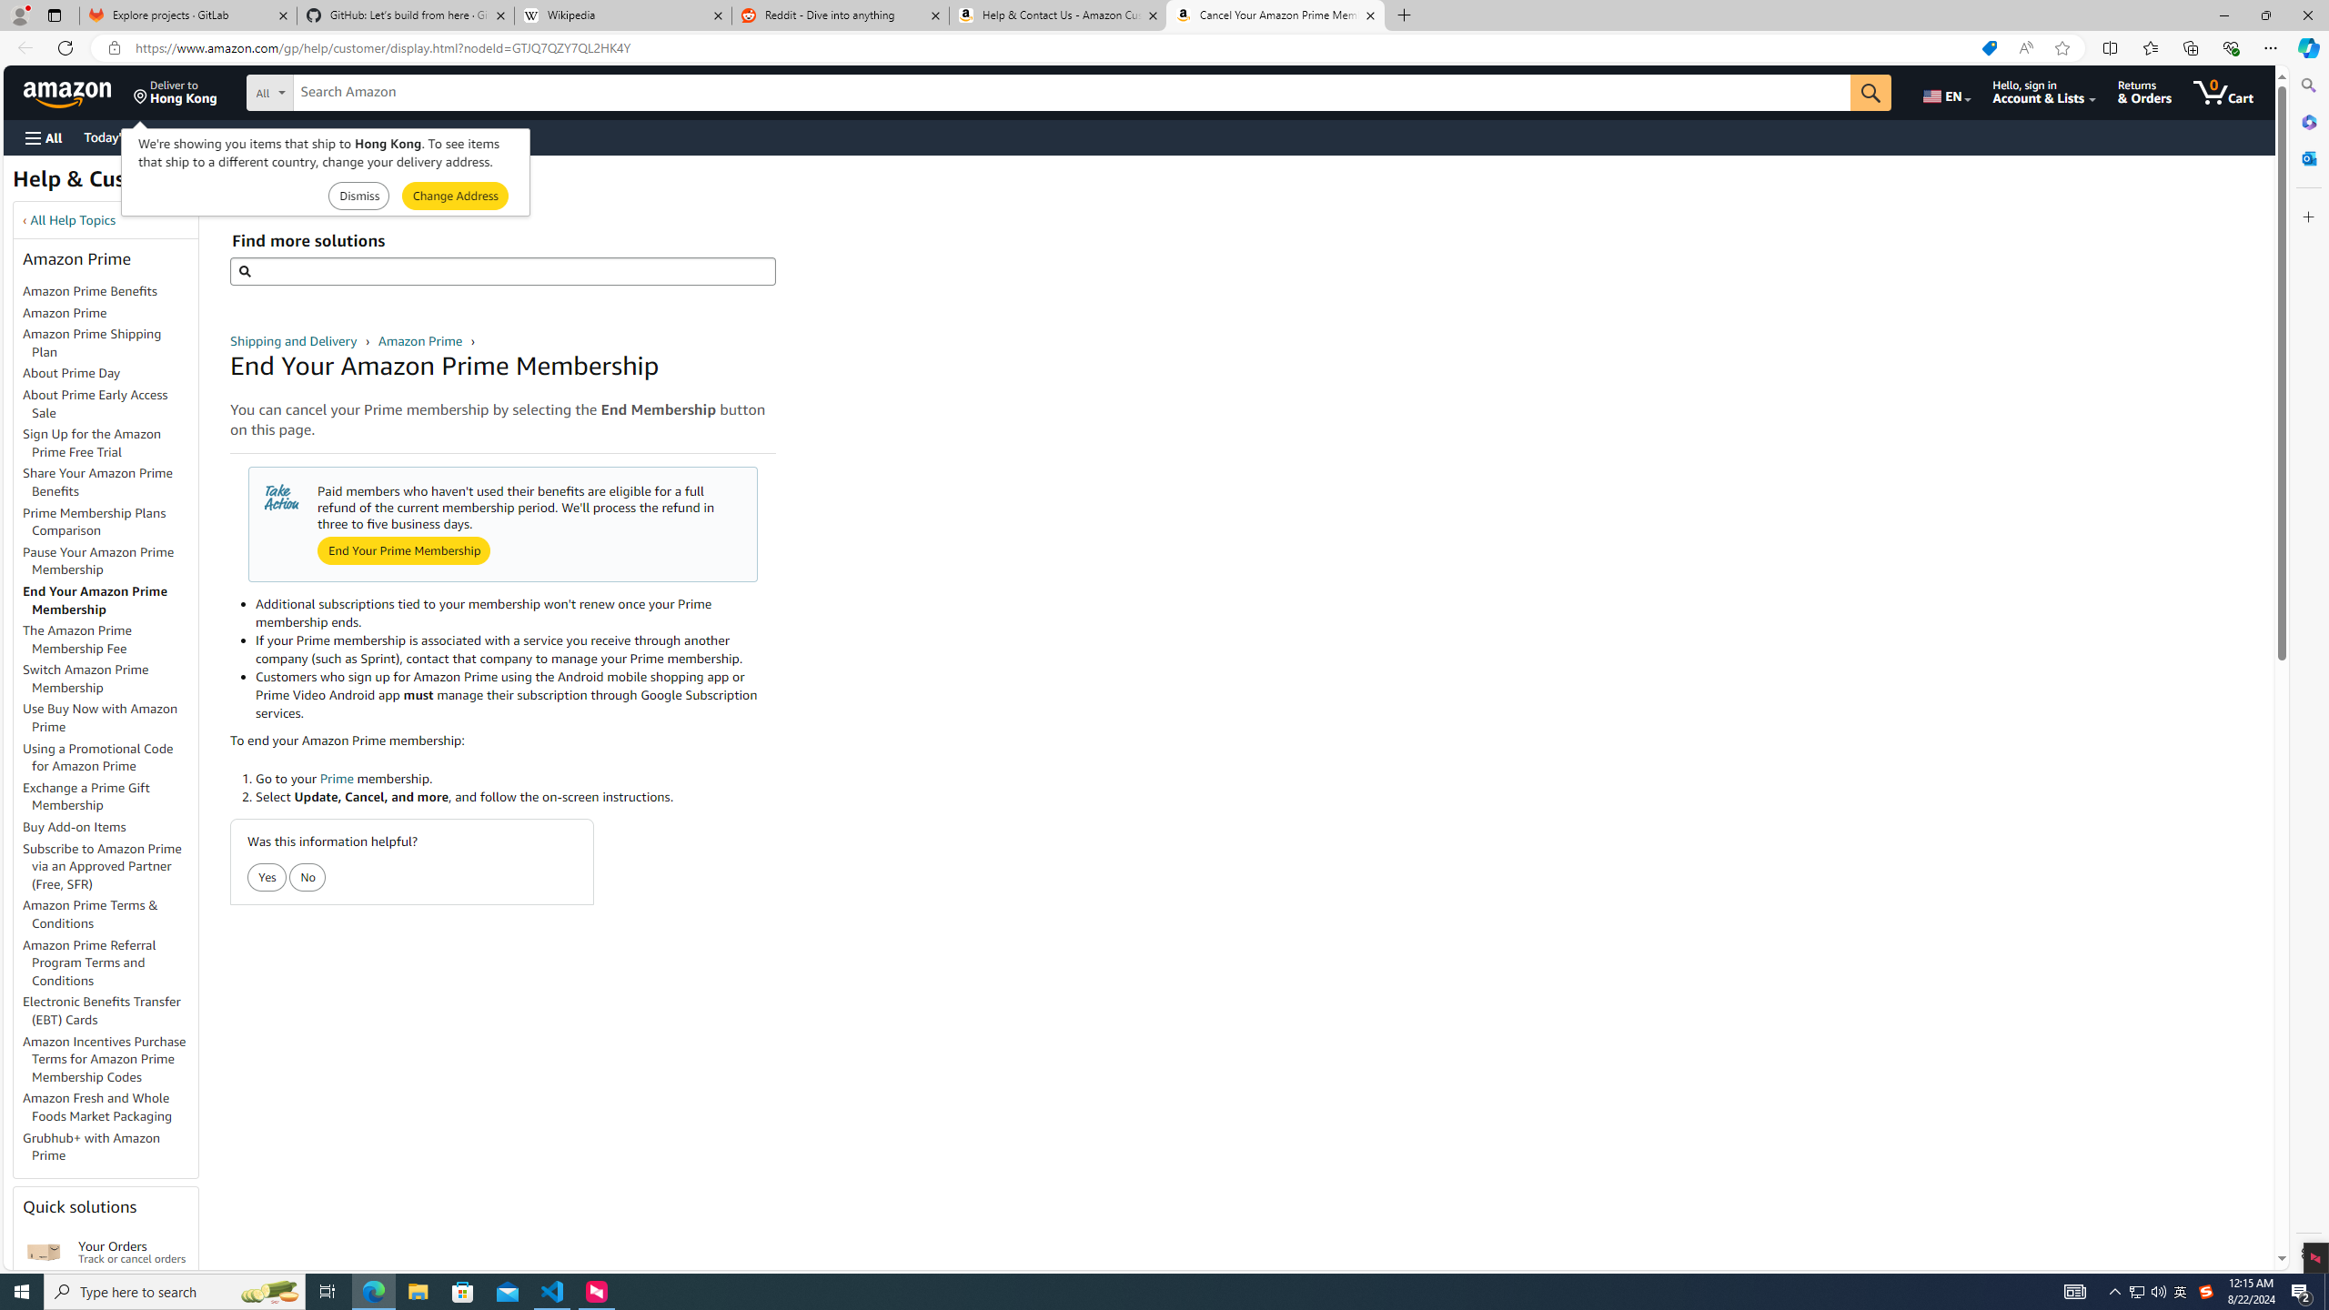  Describe the element at coordinates (335, 778) in the screenshot. I see `'Prime'` at that location.